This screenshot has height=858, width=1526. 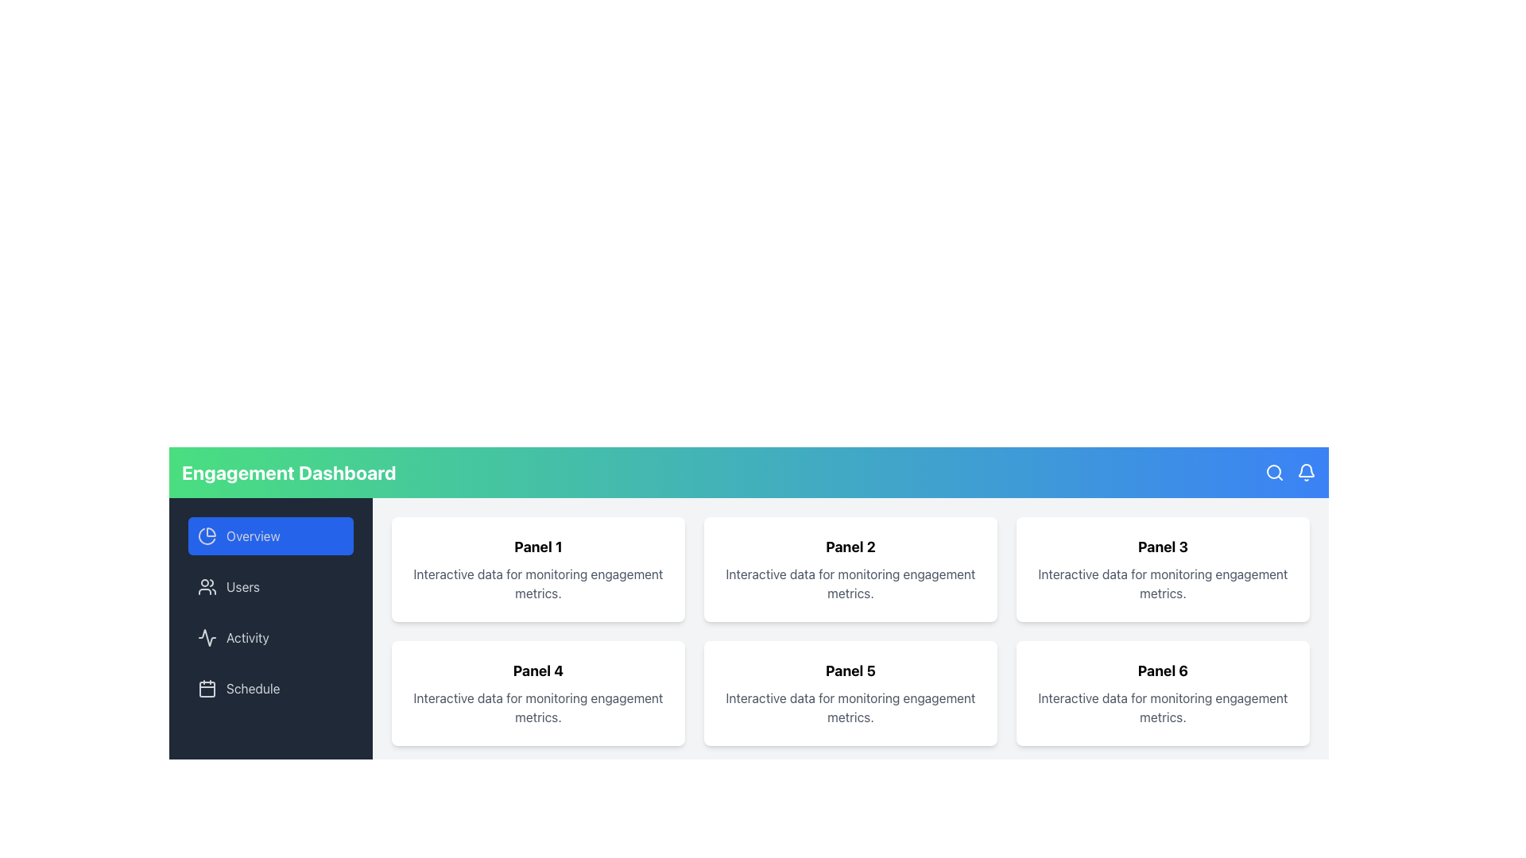 I want to click on text from the 'Panel 6' header, which is a bold and large text label located at the top of the sixth card in a grid layout on the dashboard interface, so click(x=1163, y=671).